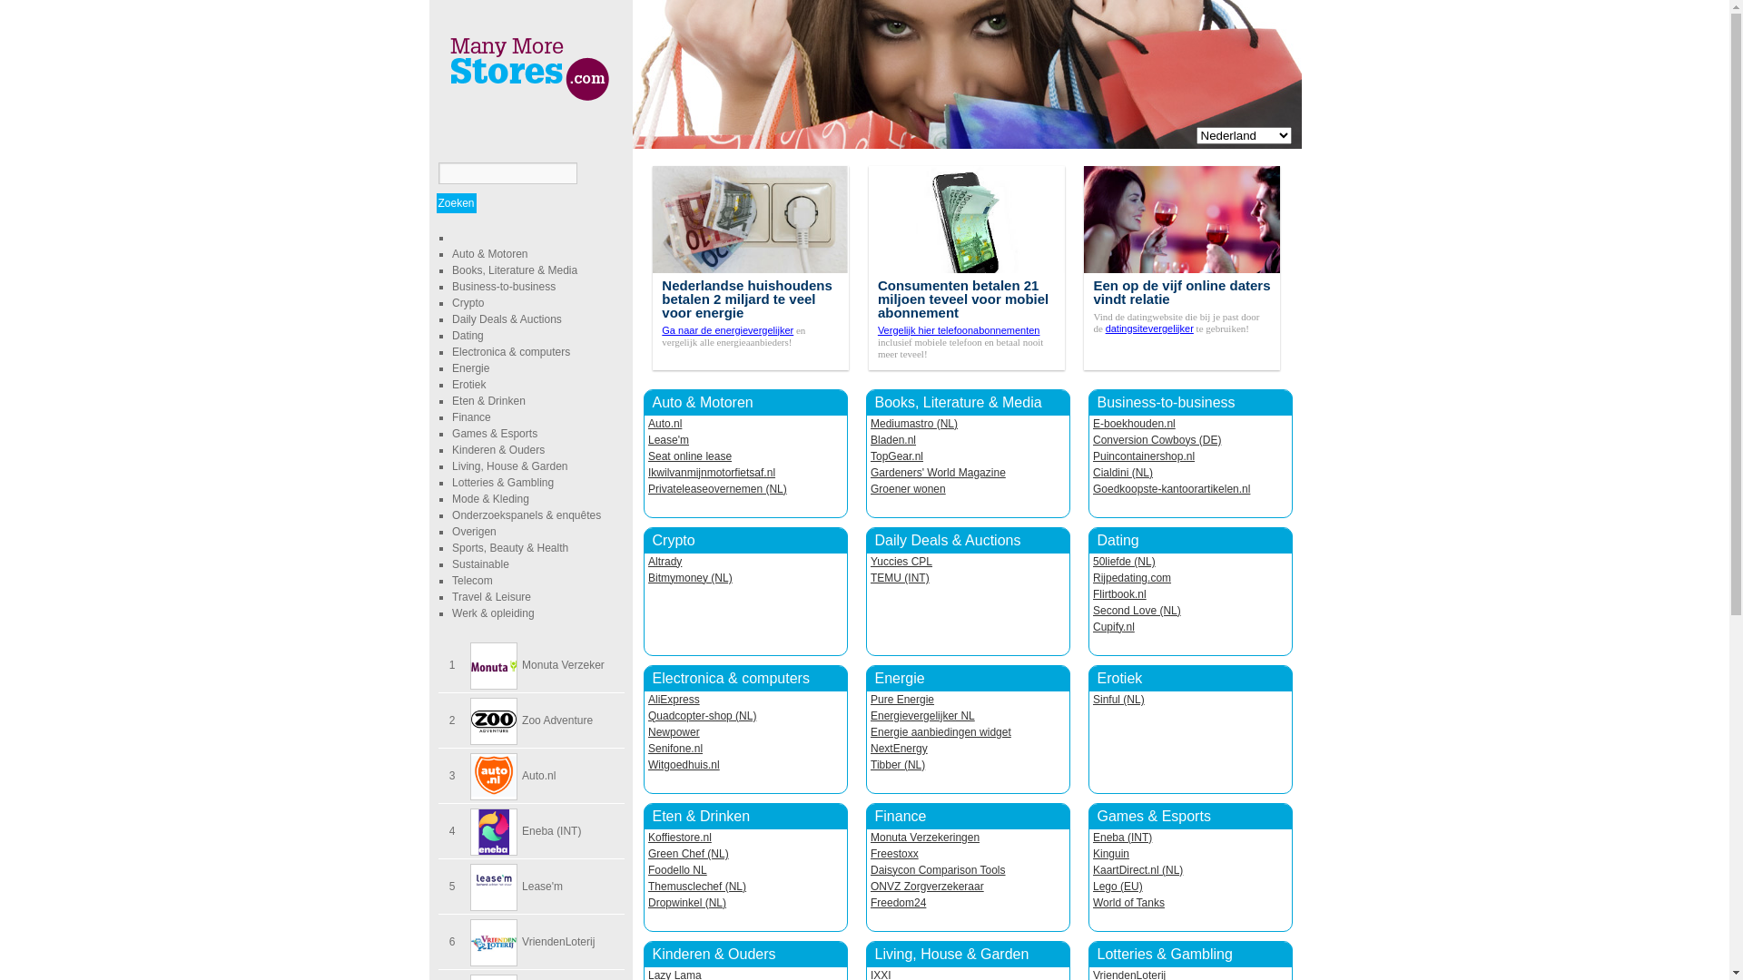 The height and width of the screenshot is (980, 1743). I want to click on 'Flirtbook.nl', so click(1092, 594).